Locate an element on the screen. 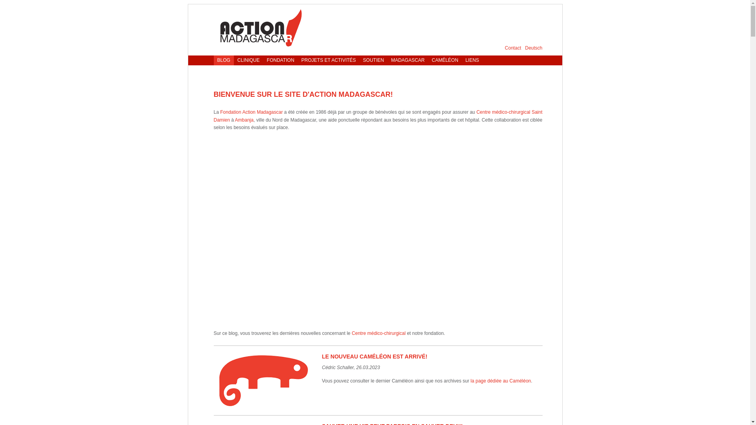 This screenshot has height=425, width=756. 'Fondation Action Madagascar' is located at coordinates (251, 112).